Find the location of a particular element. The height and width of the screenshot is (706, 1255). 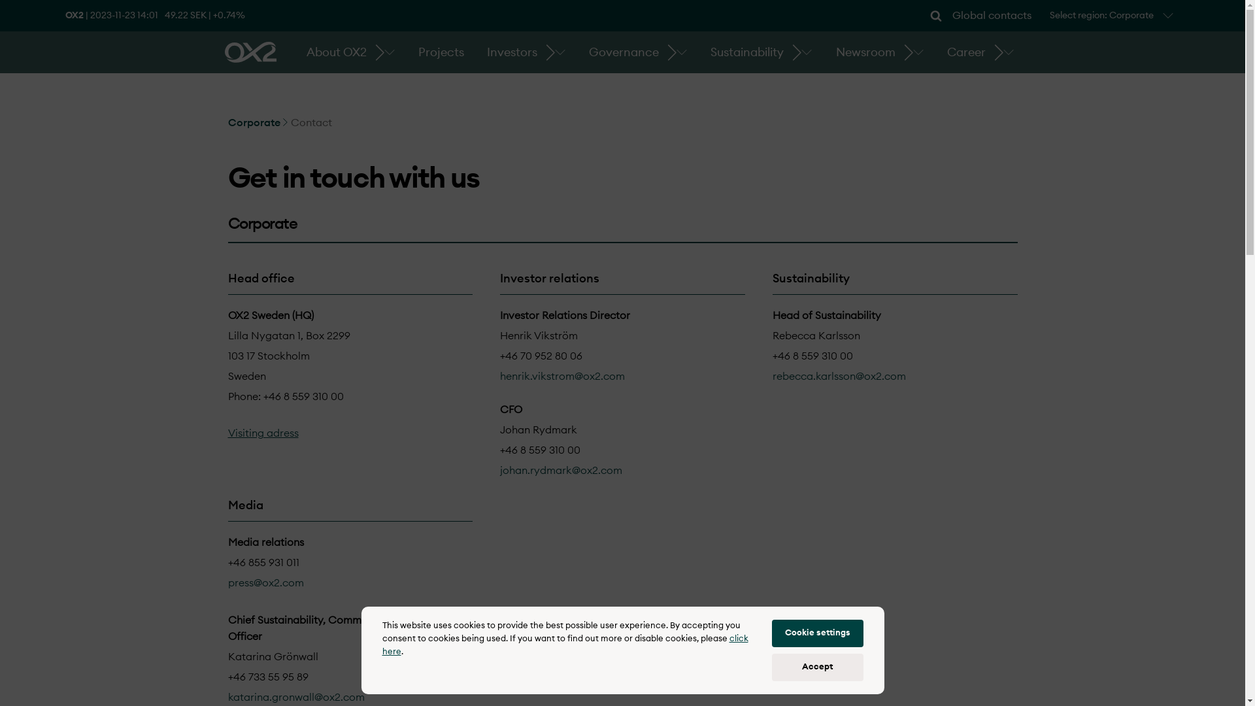

'rebecca.karlsson@ox2.com' is located at coordinates (772, 376).